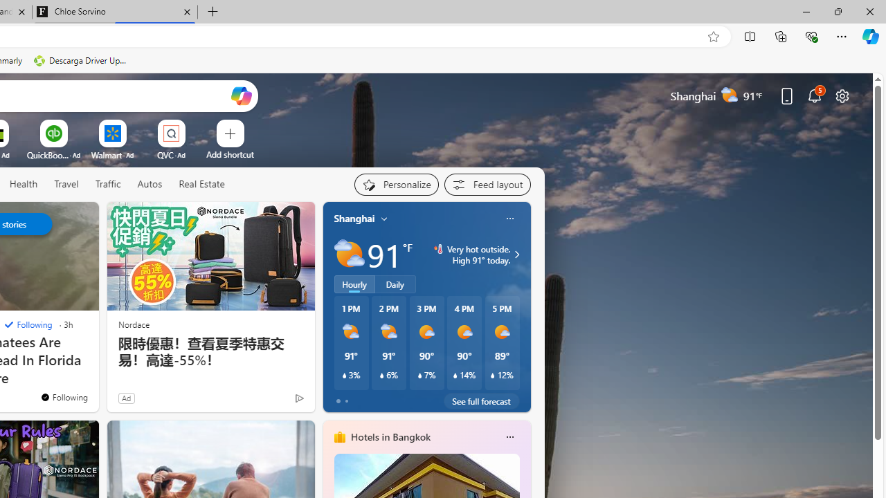  I want to click on 'Following', so click(28, 324).